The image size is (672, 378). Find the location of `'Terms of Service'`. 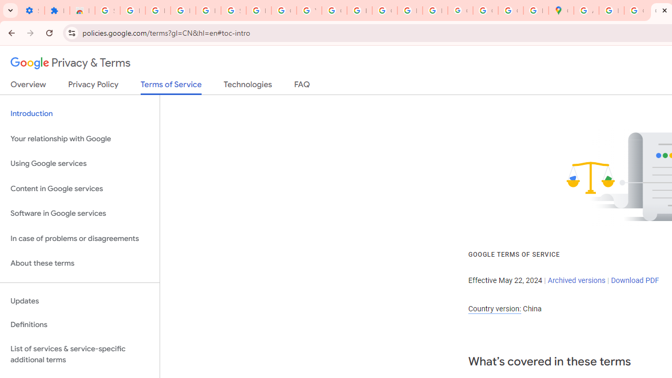

'Terms of Service' is located at coordinates (171, 87).